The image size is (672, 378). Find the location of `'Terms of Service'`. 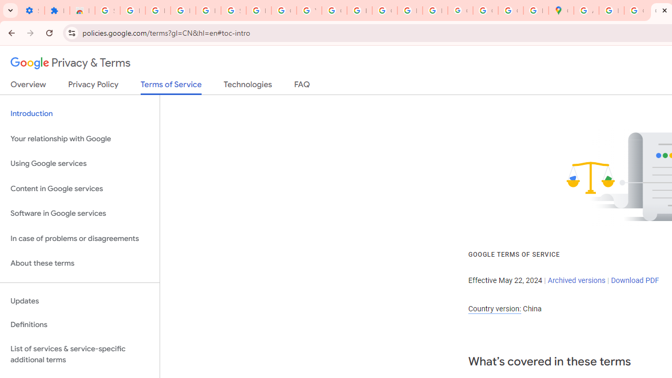

'Terms of Service' is located at coordinates (171, 87).